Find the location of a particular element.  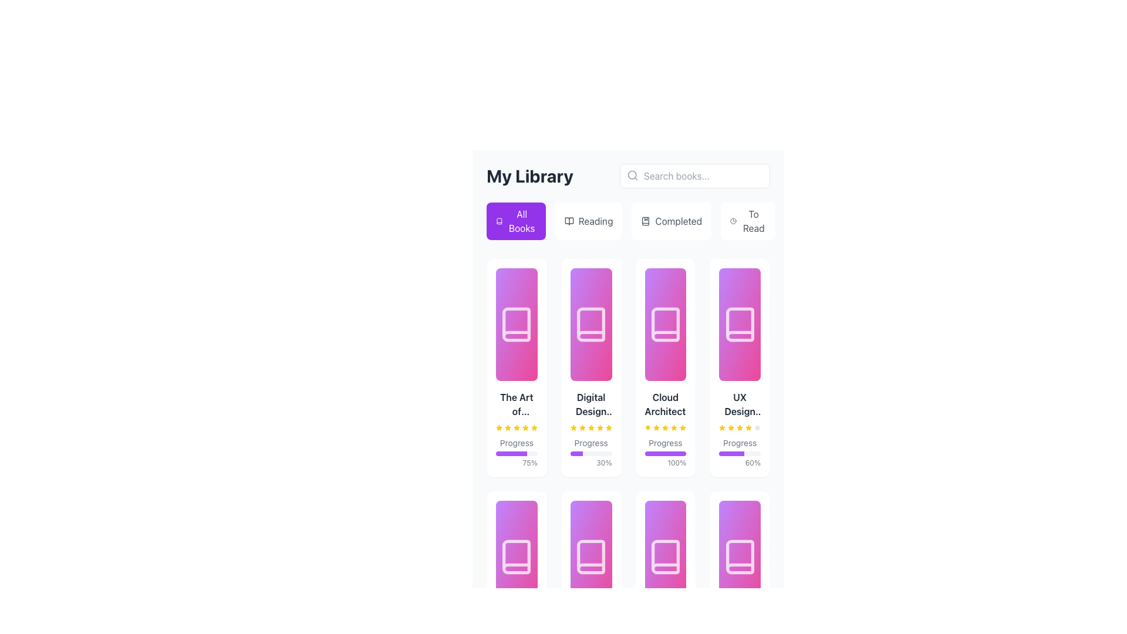

the graphical representation for the book 'The Art of Programming' located in the first row, first column of the library interface is located at coordinates (517, 324).